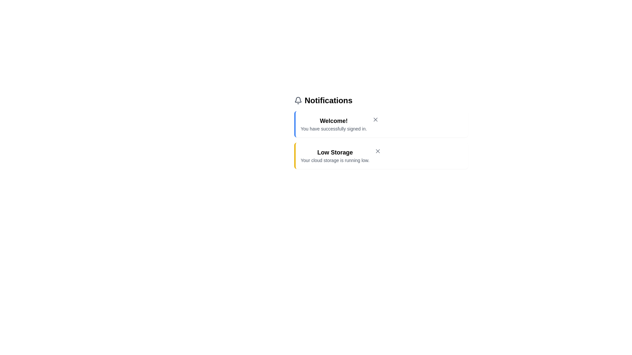 This screenshot has width=632, height=355. Describe the element at coordinates (375, 119) in the screenshot. I see `the close button located at the right end of the notification box that contains the title 'Welcome!' and the subtitle 'You have successfully signed in.'` at that location.